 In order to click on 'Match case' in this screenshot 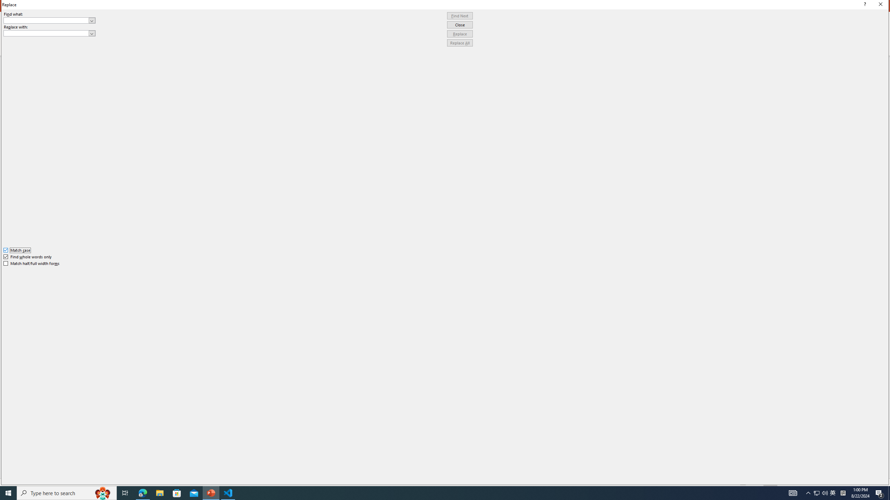, I will do `click(17, 250)`.